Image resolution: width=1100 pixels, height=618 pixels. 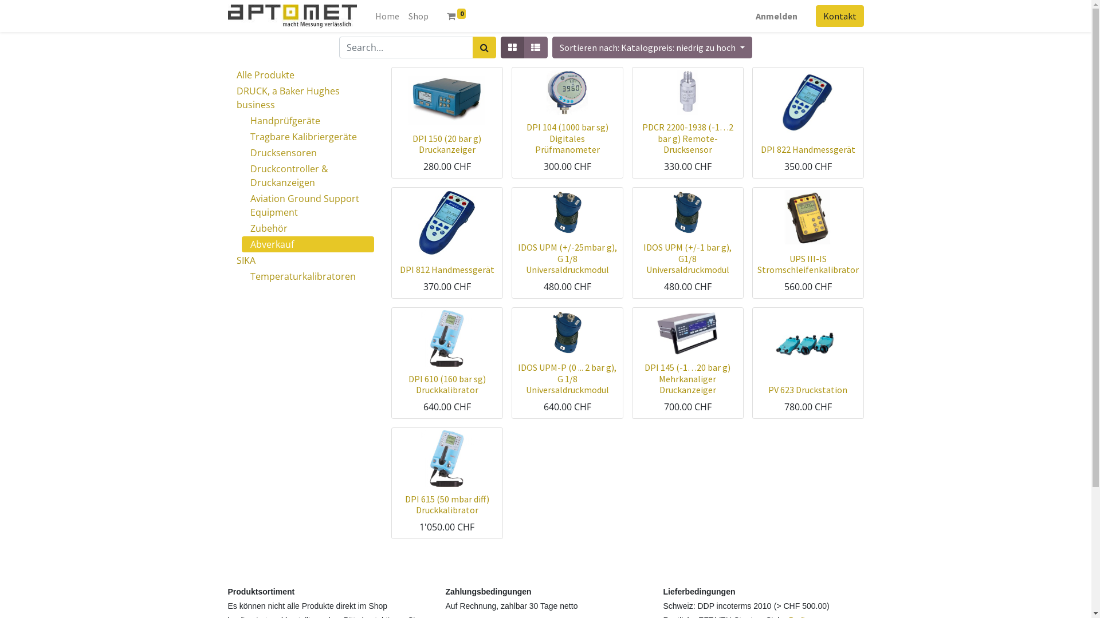 What do you see at coordinates (308, 176) in the screenshot?
I see `'Druckcontroller & Druckanzeigen'` at bounding box center [308, 176].